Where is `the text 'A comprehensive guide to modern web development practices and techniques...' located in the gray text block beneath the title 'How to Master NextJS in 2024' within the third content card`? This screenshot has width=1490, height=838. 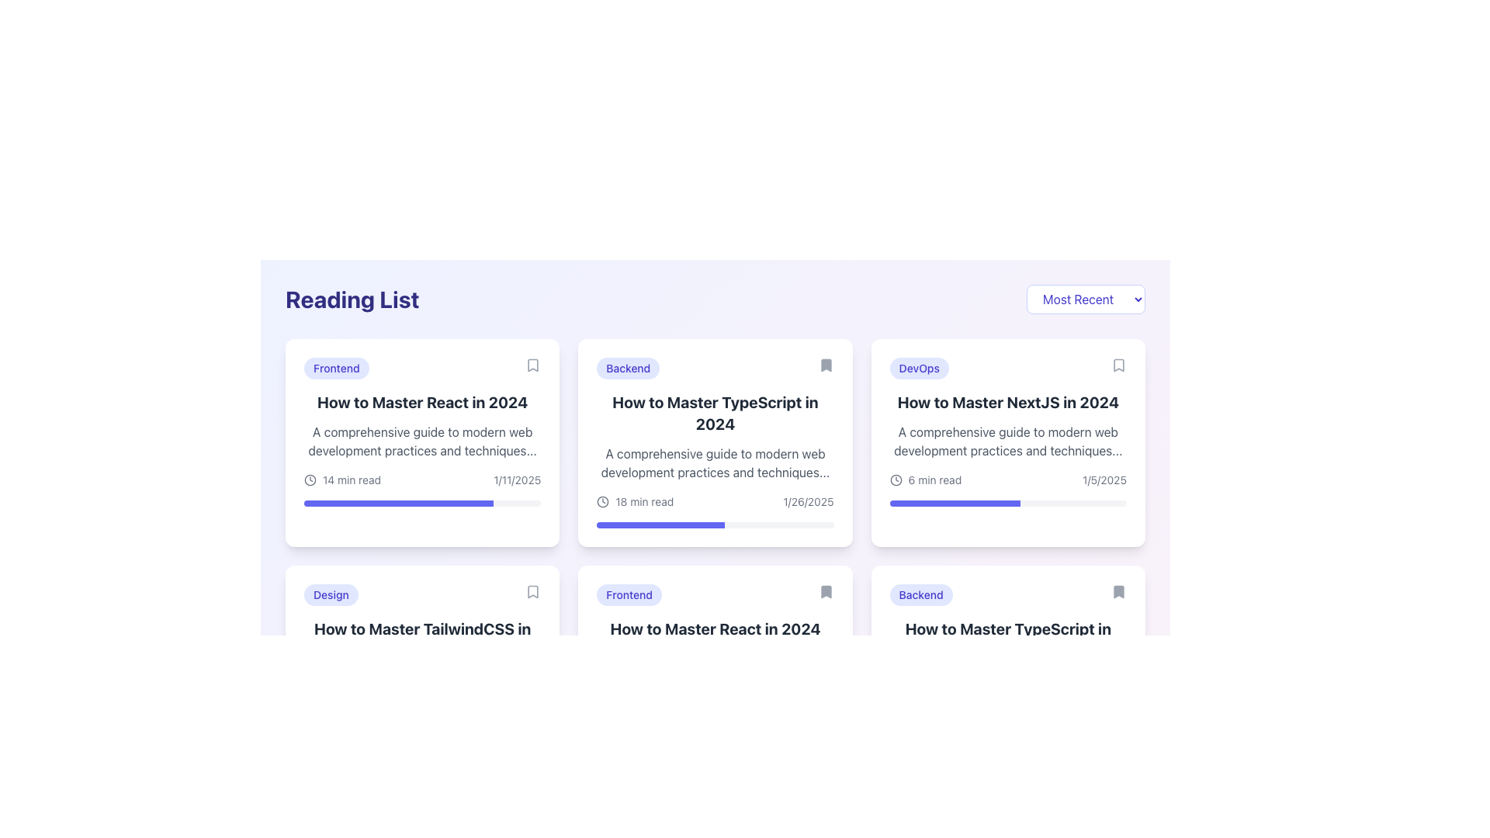 the text 'A comprehensive guide to modern web development practices and techniques...' located in the gray text block beneath the title 'How to Master NextJS in 2024' within the third content card is located at coordinates (1008, 442).